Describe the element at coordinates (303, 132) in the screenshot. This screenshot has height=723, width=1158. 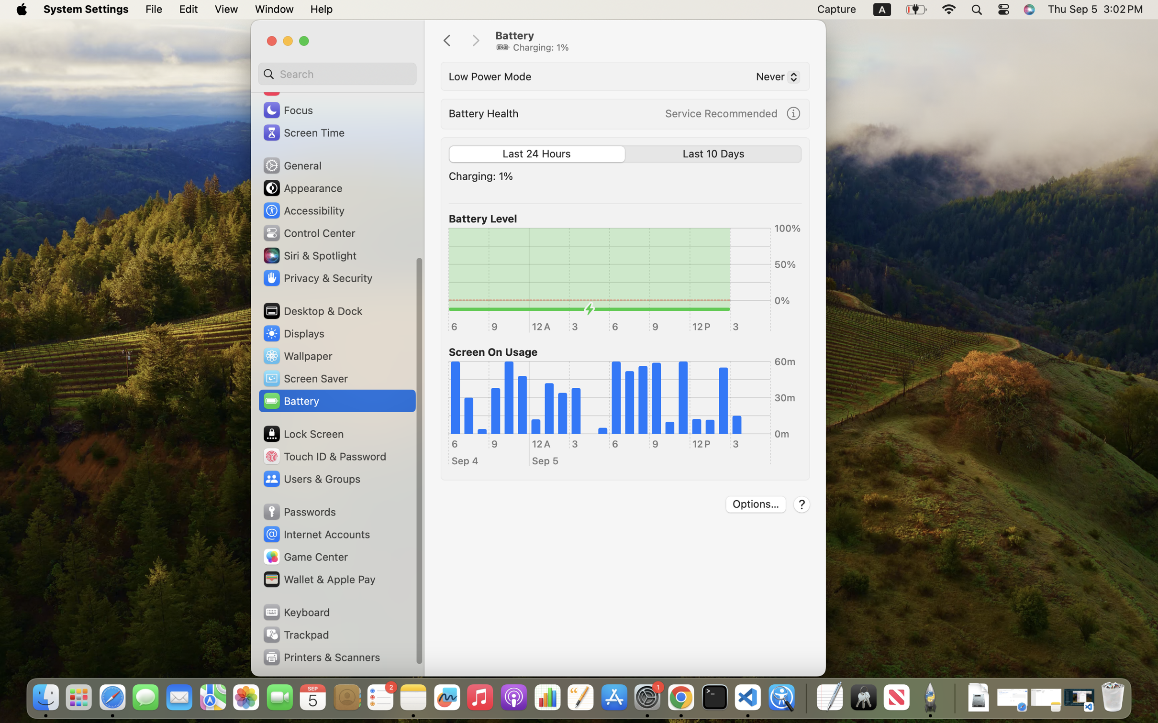
I see `'Screen Time'` at that location.